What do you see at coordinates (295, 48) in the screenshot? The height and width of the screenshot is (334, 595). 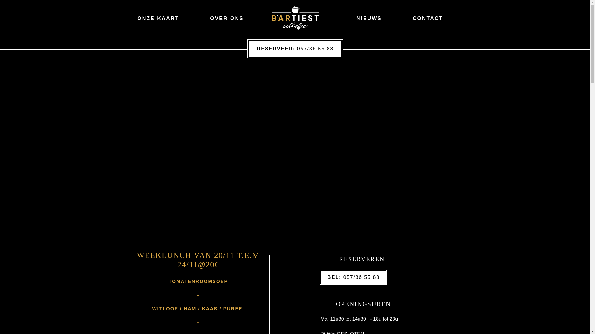 I see `'RESERVEER: 057/36 55 88'` at bounding box center [295, 48].